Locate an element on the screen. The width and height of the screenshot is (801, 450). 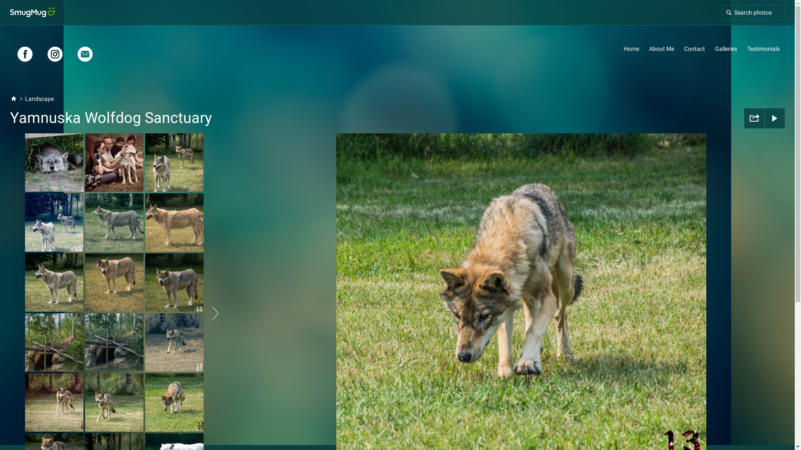
'Search "Yamnuska Wolfdog Sanctuary" for photos' is located at coordinates (753, 12).